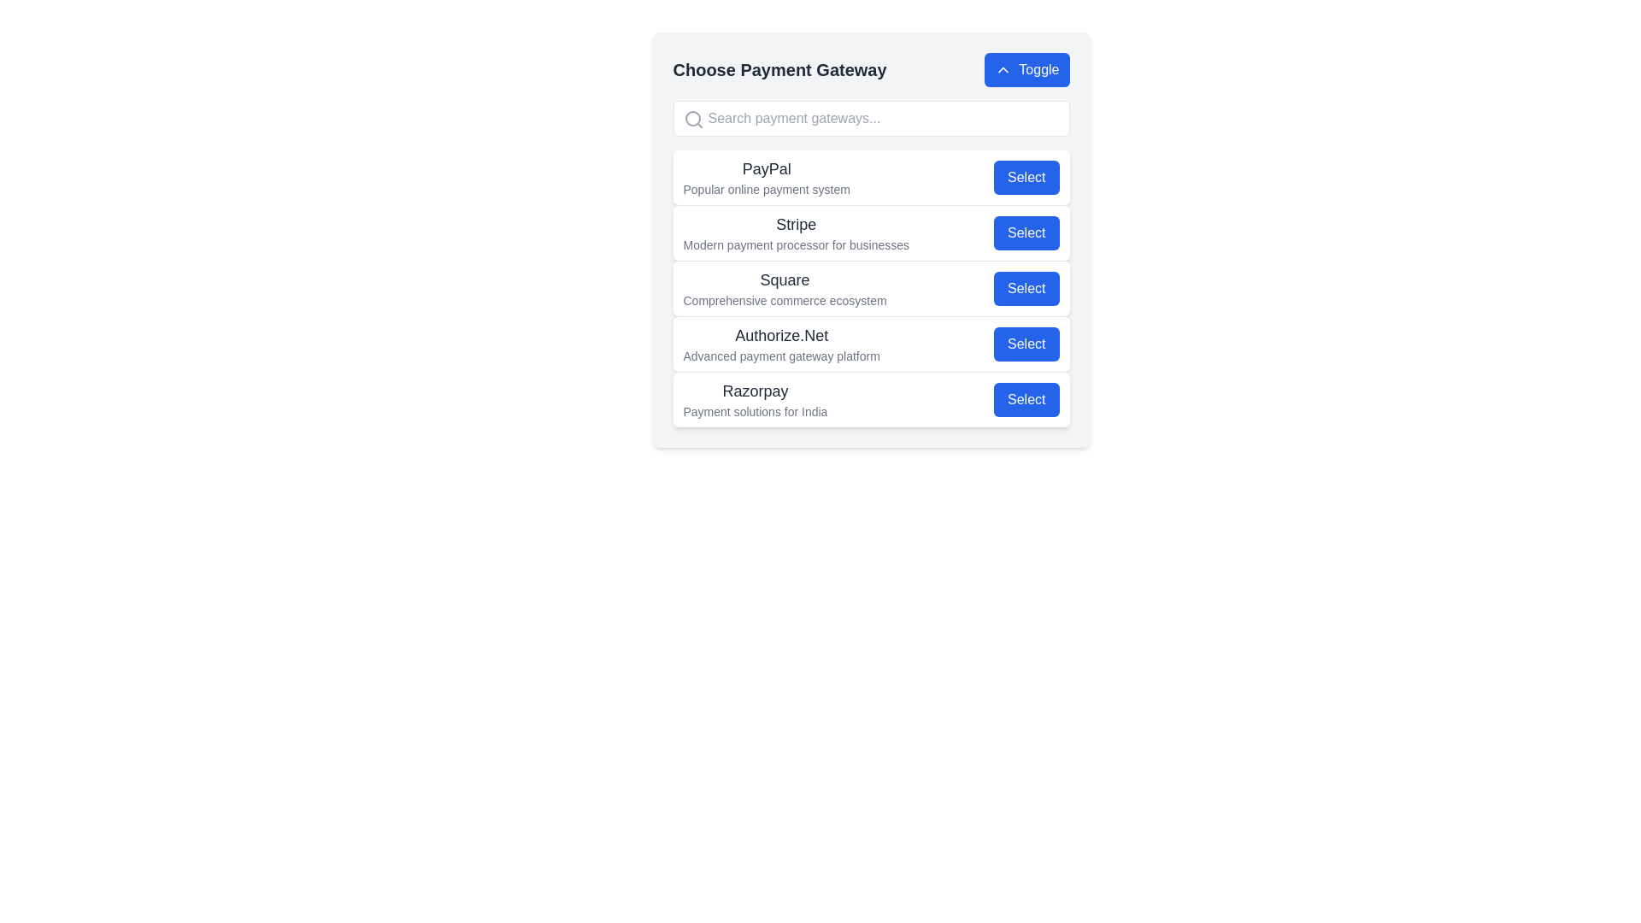 The image size is (1641, 923). What do you see at coordinates (1026, 399) in the screenshot?
I see `the 'Select' button with a blue background and white text located in the fifth row of payment options` at bounding box center [1026, 399].